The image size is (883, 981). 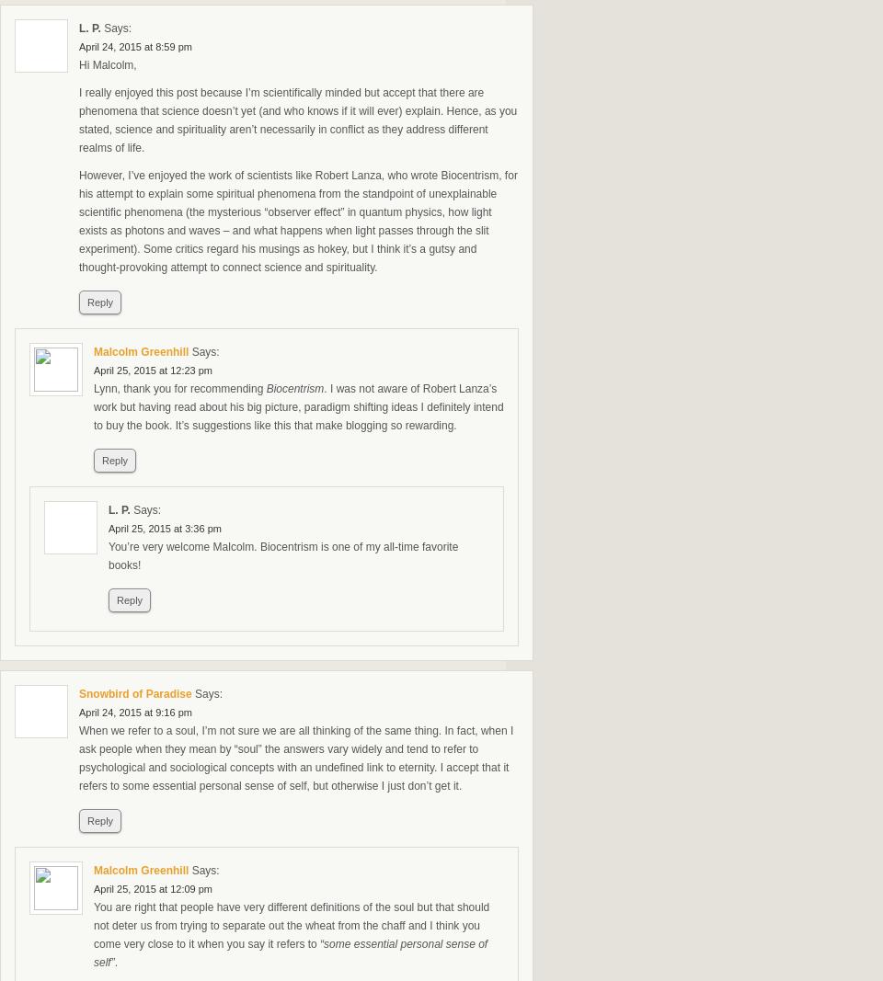 What do you see at coordinates (298, 406) in the screenshot?
I see `'. I was not aware of Robert Lanza’s work but having read about his big picture, paradigm shifting ideas I definitely intend to buy the book. It’s suggestions like this that make blogging so rewarding.'` at bounding box center [298, 406].